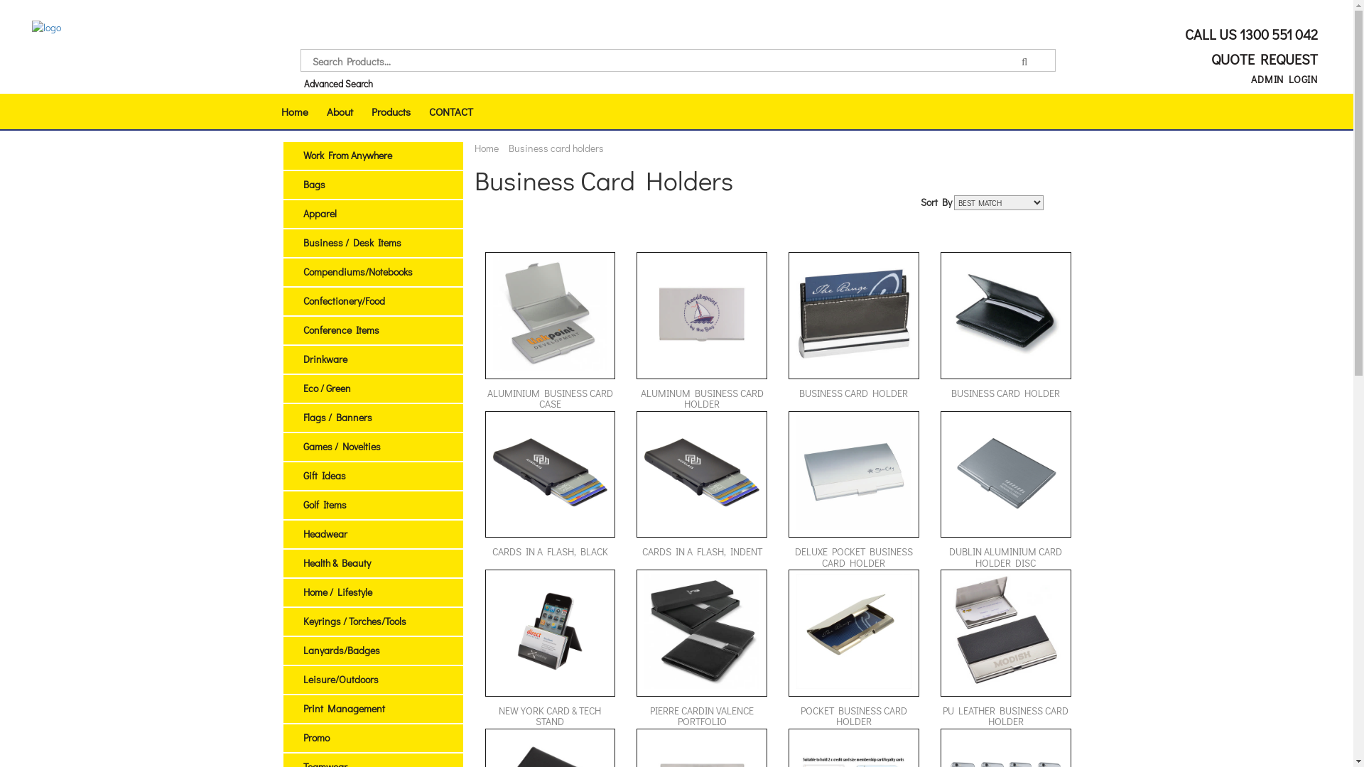 This screenshot has height=767, width=1364. Describe the element at coordinates (340, 678) in the screenshot. I see `'Leisure/Outdoors'` at that location.